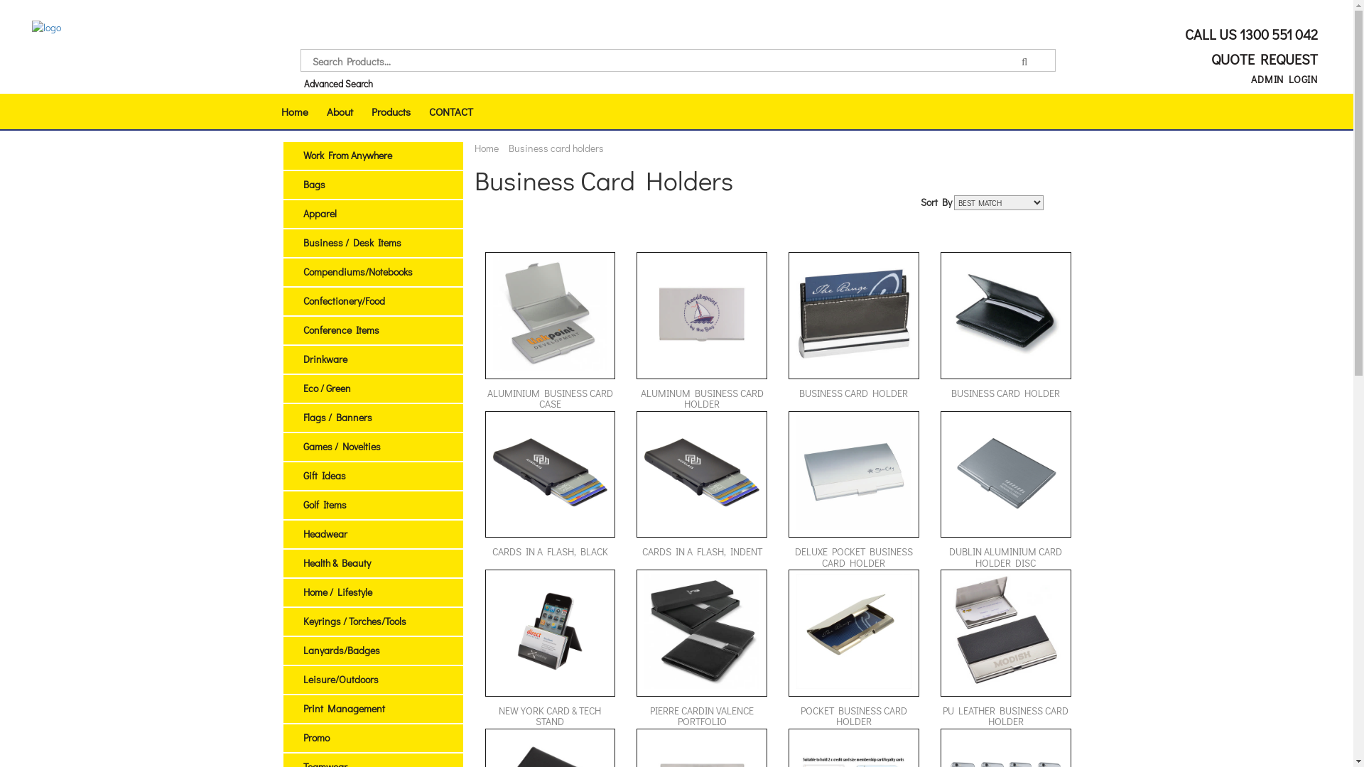 This screenshot has height=767, width=1364. Describe the element at coordinates (340, 678) in the screenshot. I see `'Leisure/Outdoors'` at that location.